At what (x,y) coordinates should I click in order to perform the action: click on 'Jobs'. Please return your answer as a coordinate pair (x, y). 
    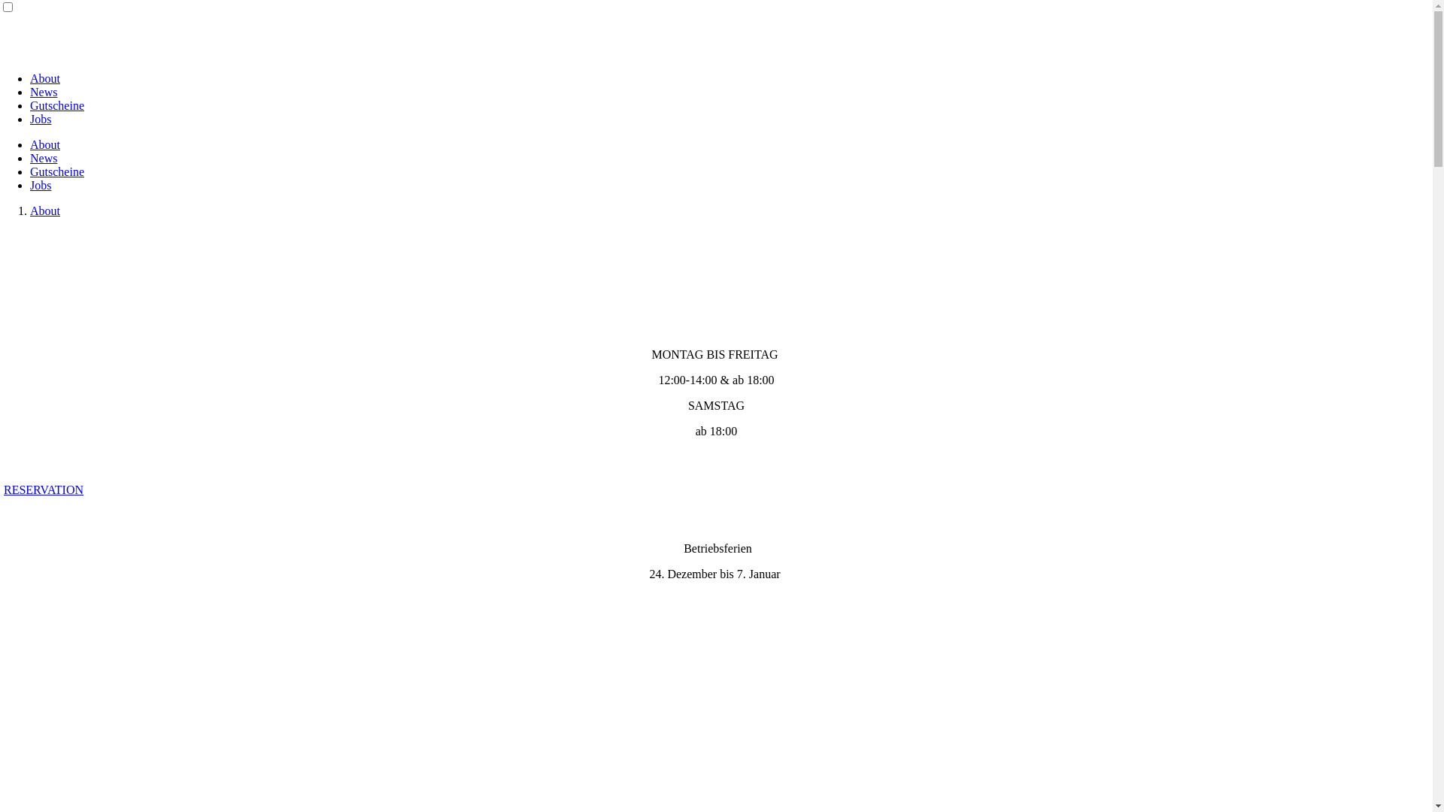
    Looking at the image, I should click on (40, 118).